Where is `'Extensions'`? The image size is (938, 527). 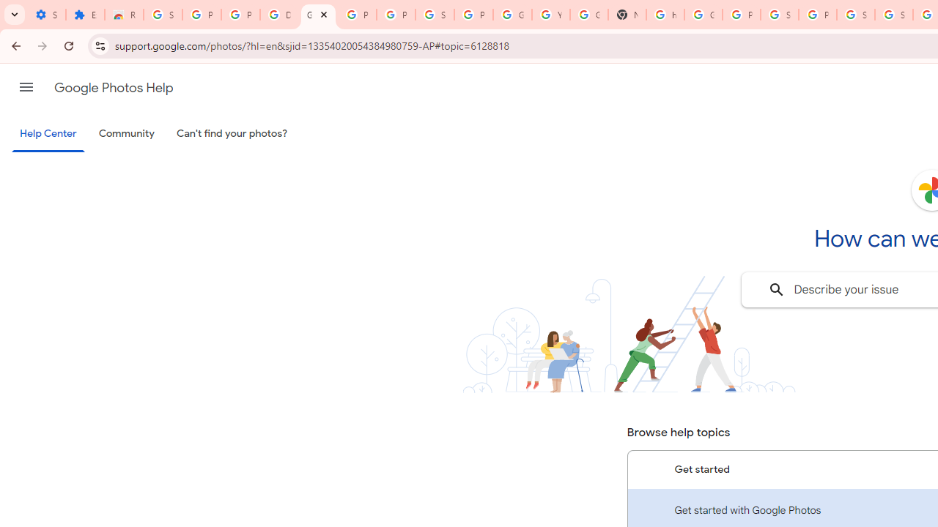
'Extensions' is located at coordinates (84, 15).